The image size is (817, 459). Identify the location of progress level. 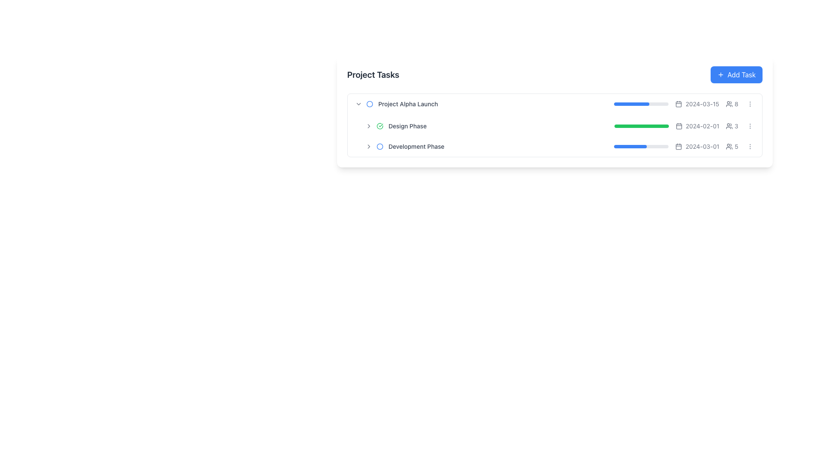
(634, 126).